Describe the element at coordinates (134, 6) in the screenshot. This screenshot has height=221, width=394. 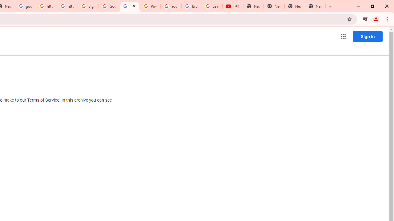
I see `'Close'` at that location.